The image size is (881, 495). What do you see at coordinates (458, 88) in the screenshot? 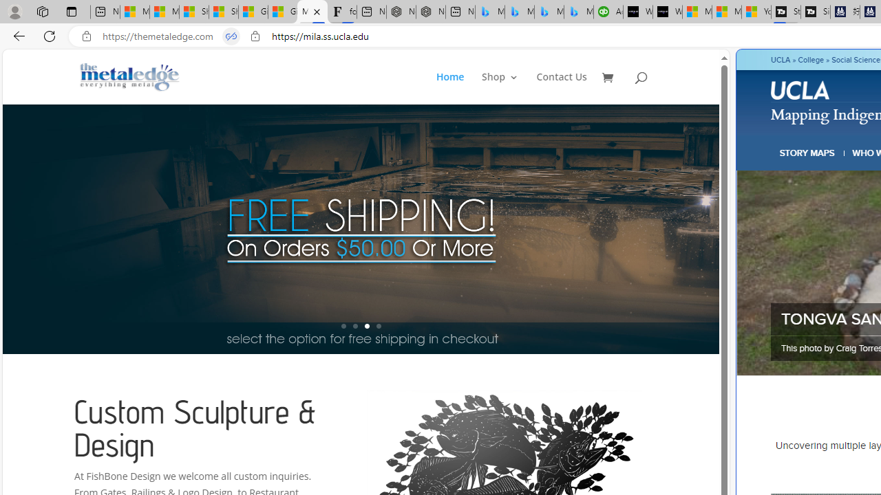
I see `'Home'` at bounding box center [458, 88].